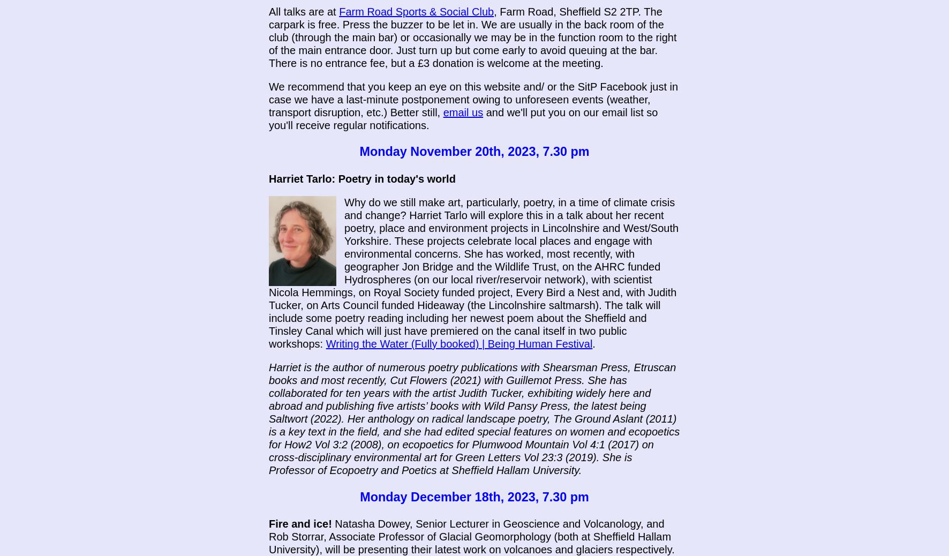  Describe the element at coordinates (463, 111) in the screenshot. I see `'email us'` at that location.